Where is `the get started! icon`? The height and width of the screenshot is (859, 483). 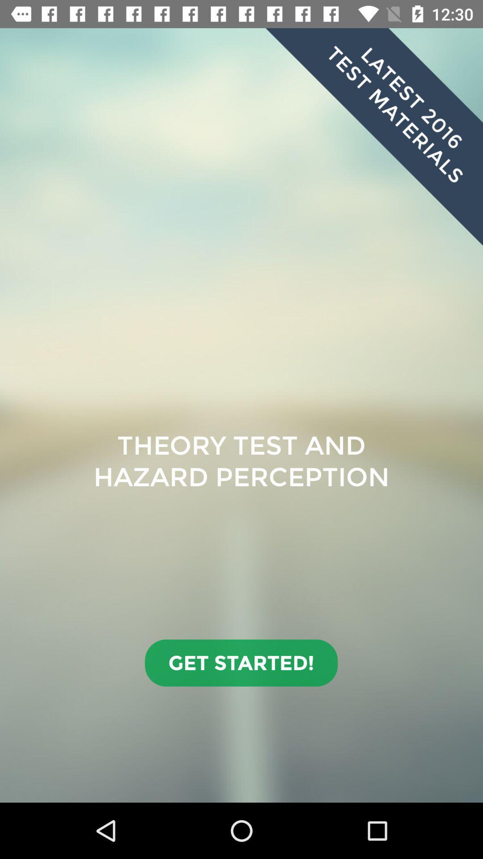 the get started! icon is located at coordinates (241, 663).